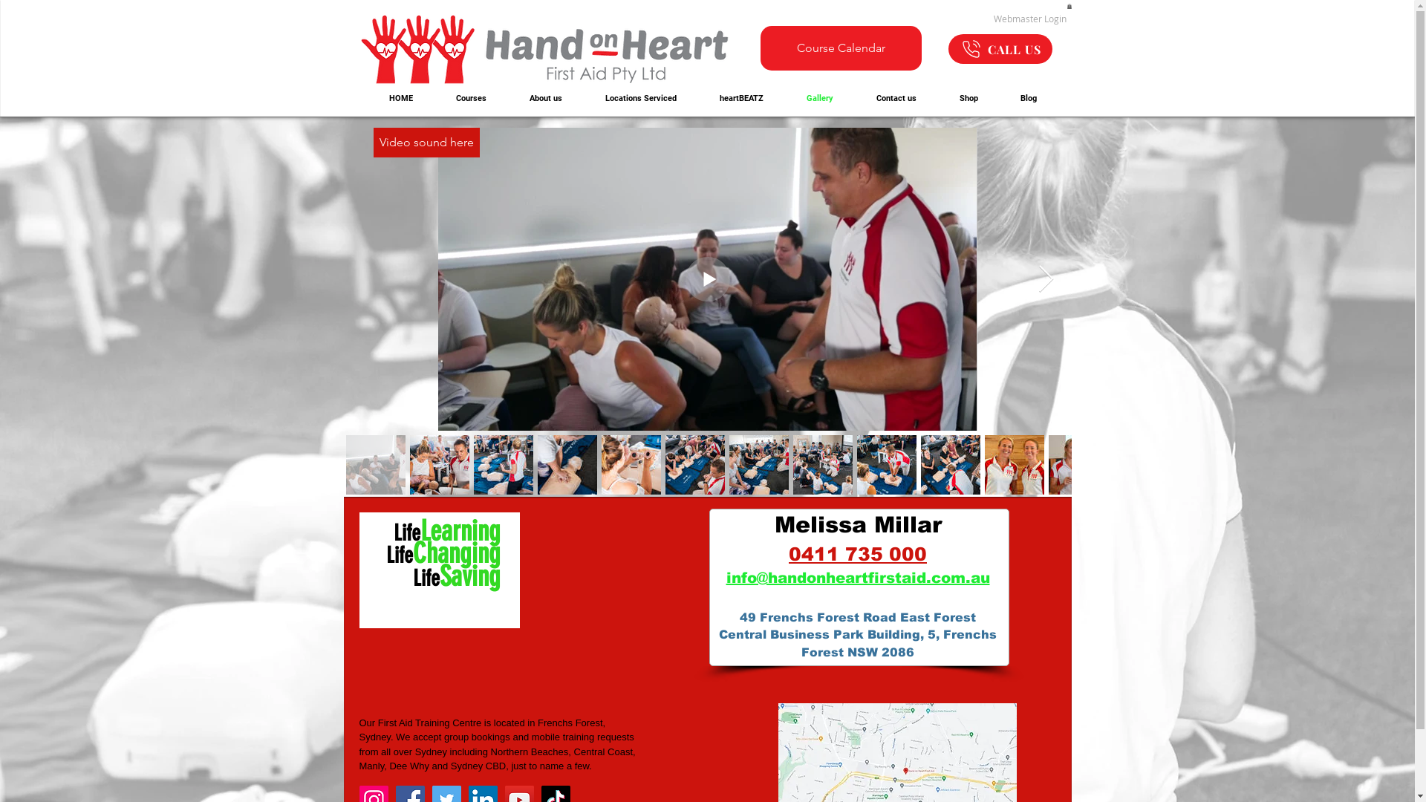 The width and height of the screenshot is (1426, 802). What do you see at coordinates (641, 98) in the screenshot?
I see `'Locations Serviced'` at bounding box center [641, 98].